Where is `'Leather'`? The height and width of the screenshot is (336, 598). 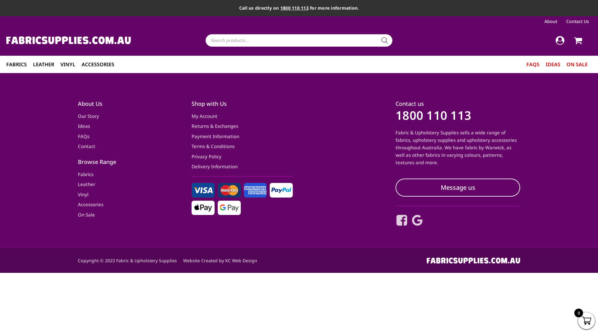 'Leather' is located at coordinates (86, 184).